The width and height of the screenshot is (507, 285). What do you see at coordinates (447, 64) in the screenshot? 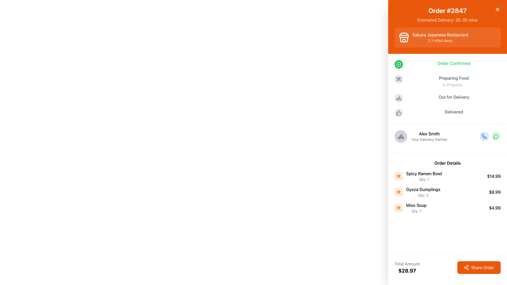
I see `status text from the Status indicator labeled 'Order Confirmed', which is visually represented with a green circular icon and green text, located near the top of the order tracking panel` at bounding box center [447, 64].